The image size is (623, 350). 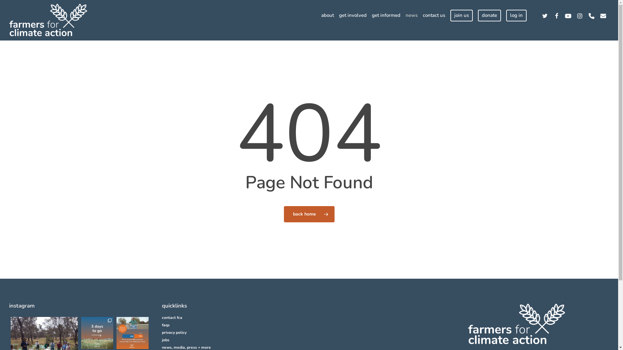 What do you see at coordinates (232, 340) in the screenshot?
I see `'jobs'` at bounding box center [232, 340].